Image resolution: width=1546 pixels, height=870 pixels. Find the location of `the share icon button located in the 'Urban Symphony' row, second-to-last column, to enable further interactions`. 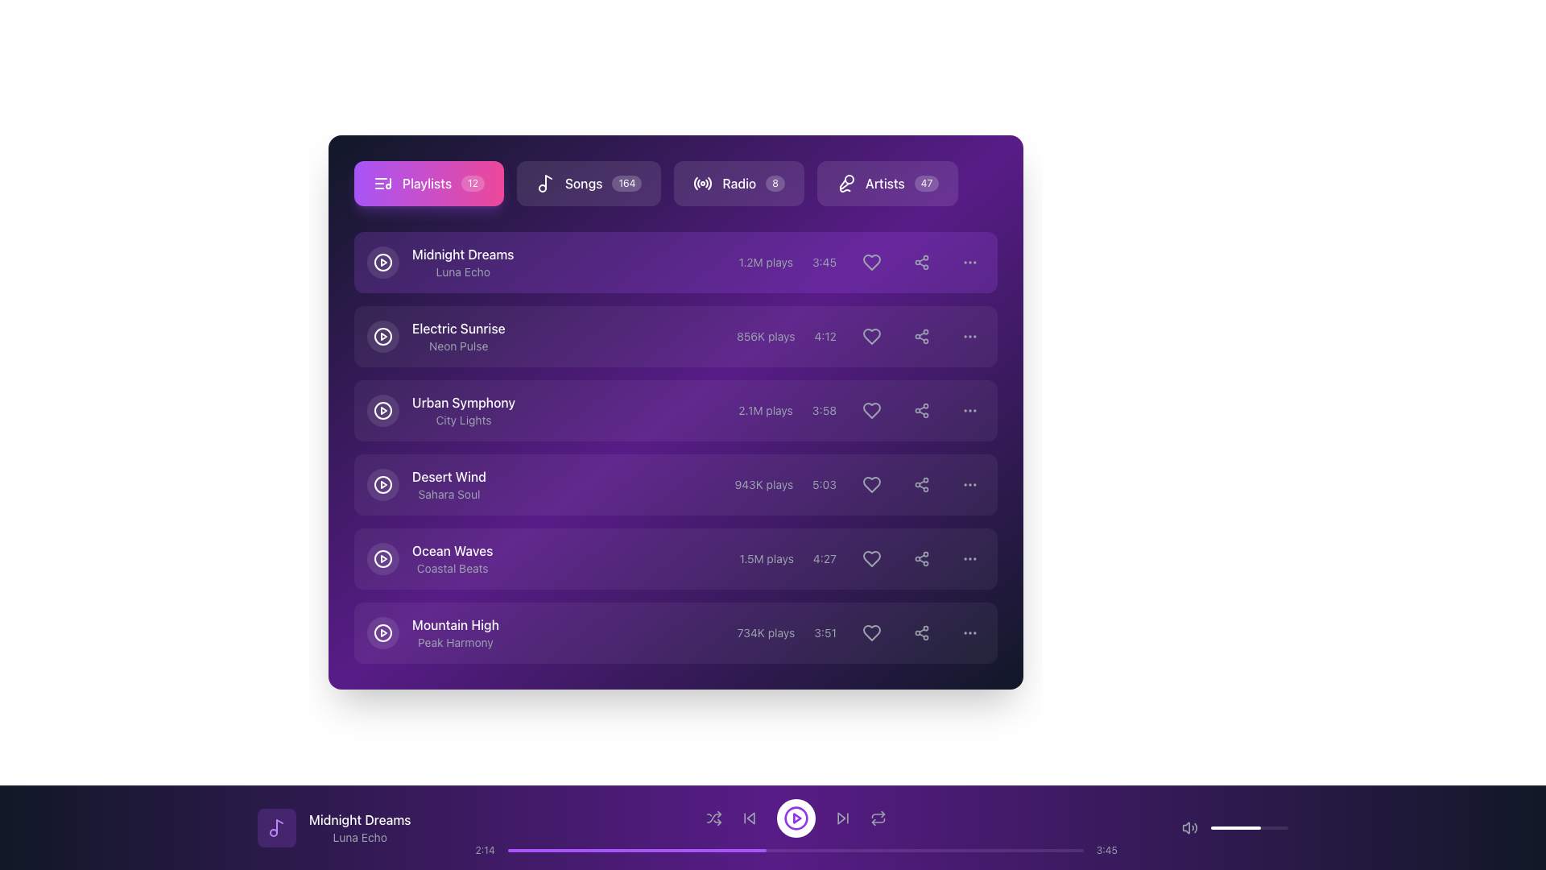

the share icon button located in the 'Urban Symphony' row, second-to-last column, to enable further interactions is located at coordinates (922, 409).